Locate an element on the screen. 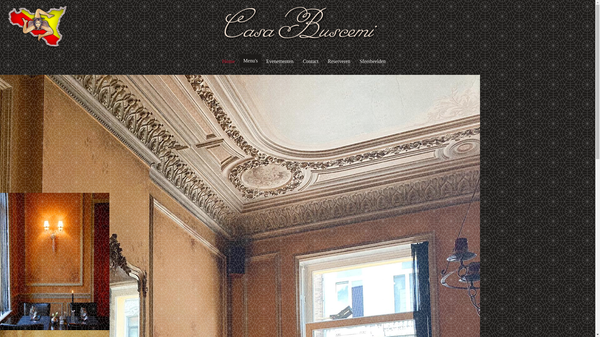 The image size is (600, 337). 'Contact' is located at coordinates (301, 61).